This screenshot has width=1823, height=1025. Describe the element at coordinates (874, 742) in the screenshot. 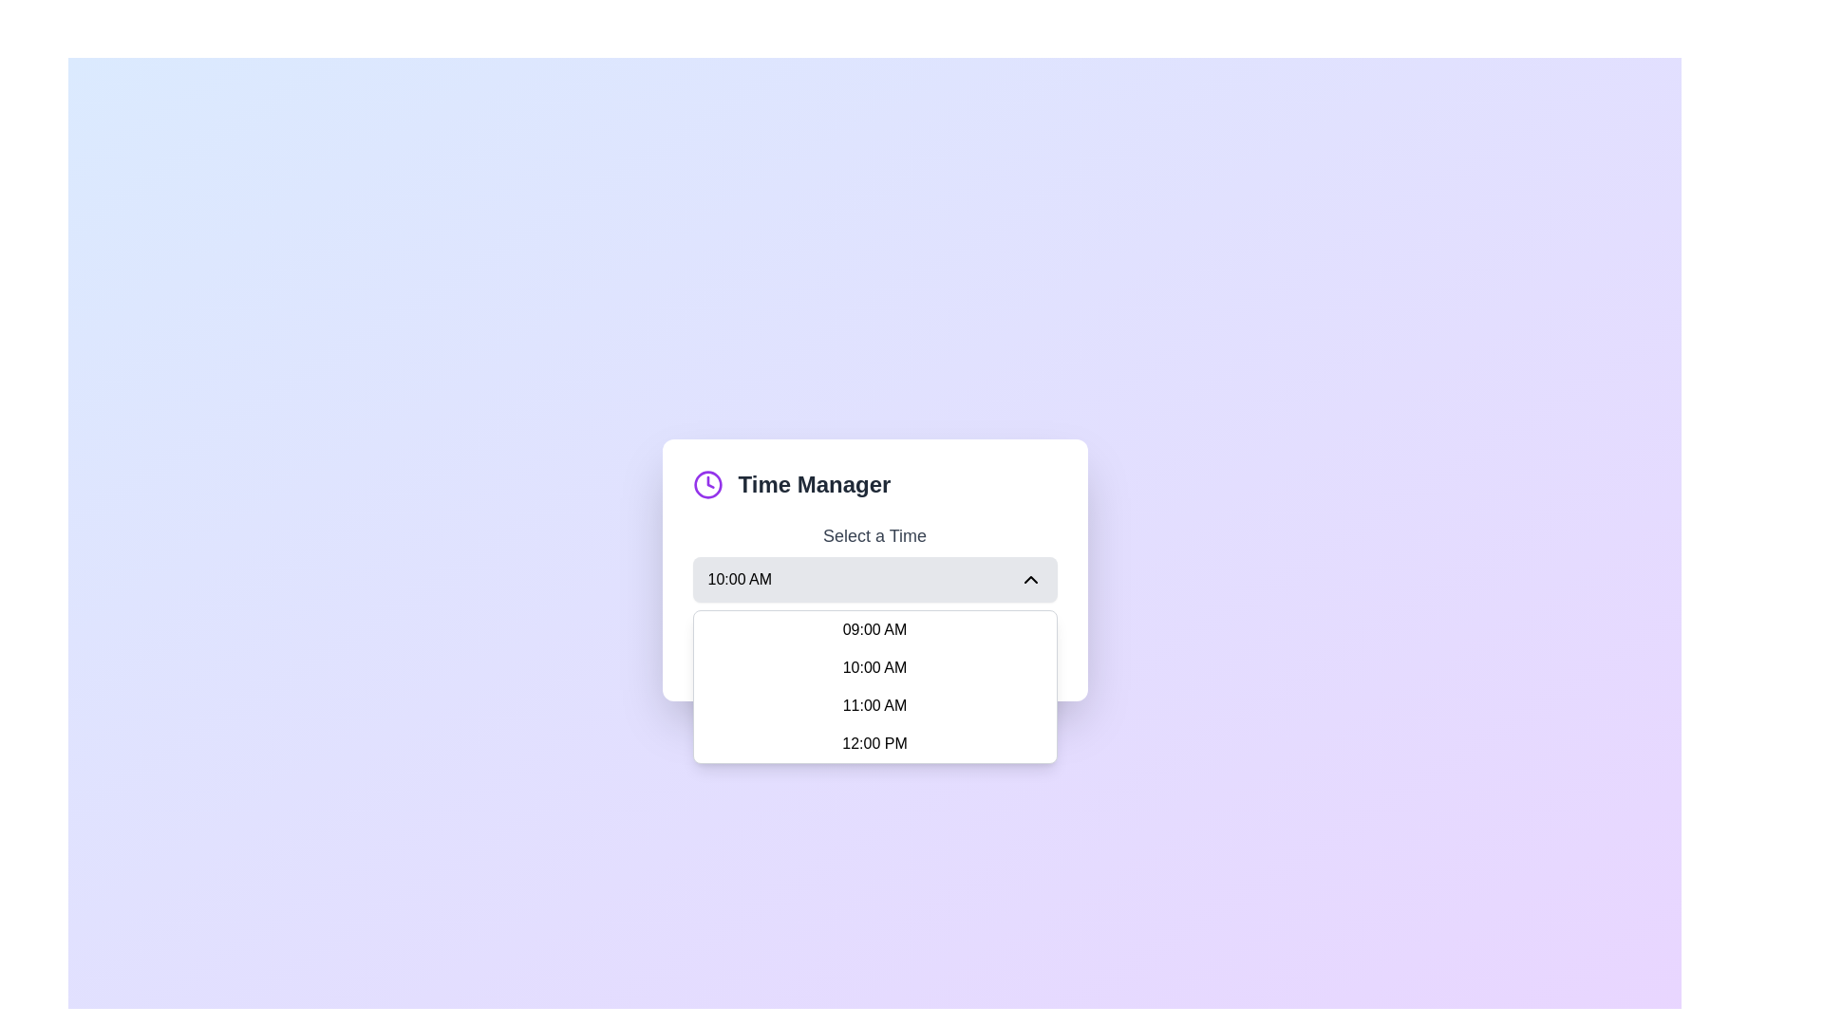

I see `the fourth selectable item in the dropdown menu for time selection` at that location.